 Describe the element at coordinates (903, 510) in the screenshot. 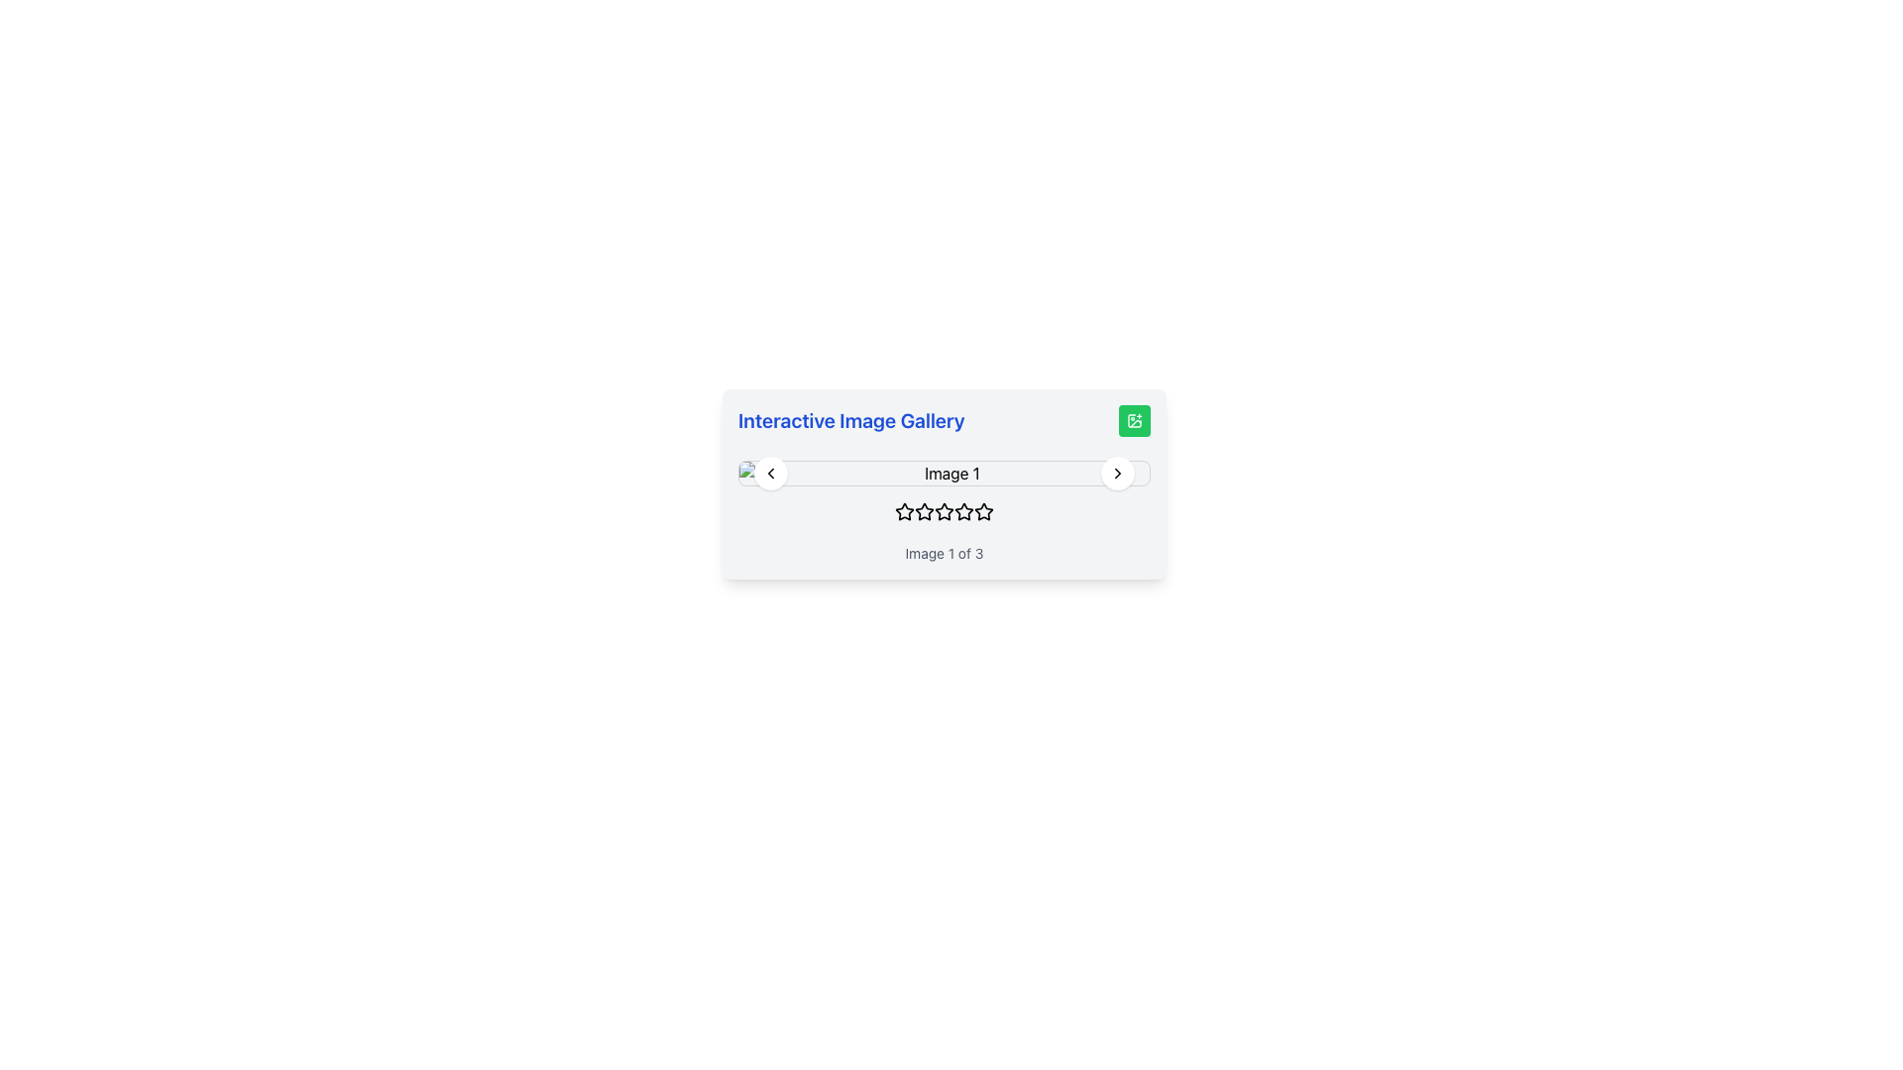

I see `the first star icon in the Rating Star Widget` at that location.